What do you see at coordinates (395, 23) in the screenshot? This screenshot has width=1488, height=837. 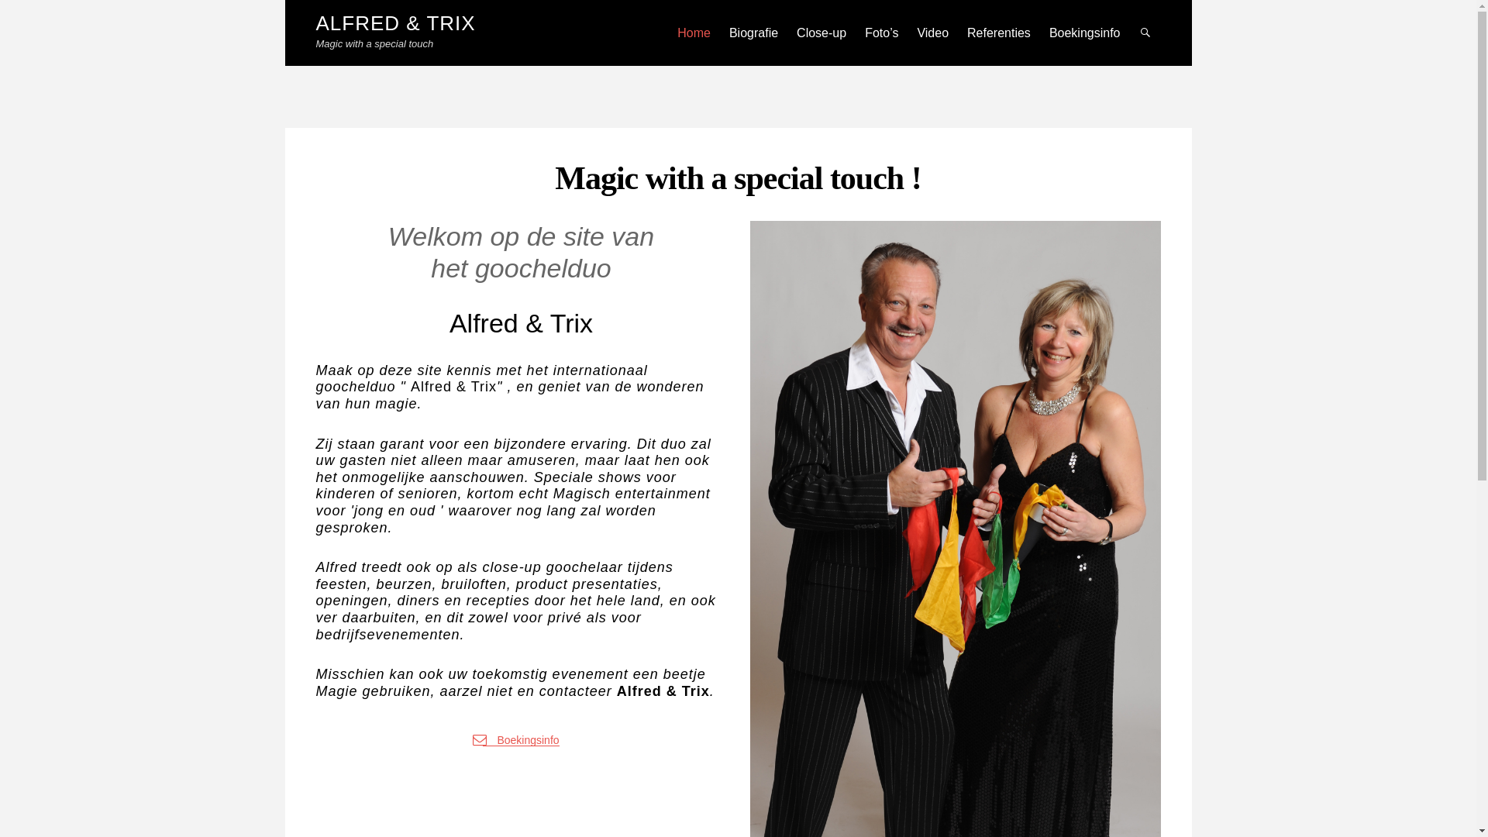 I see `'ALFRED & TRIX'` at bounding box center [395, 23].